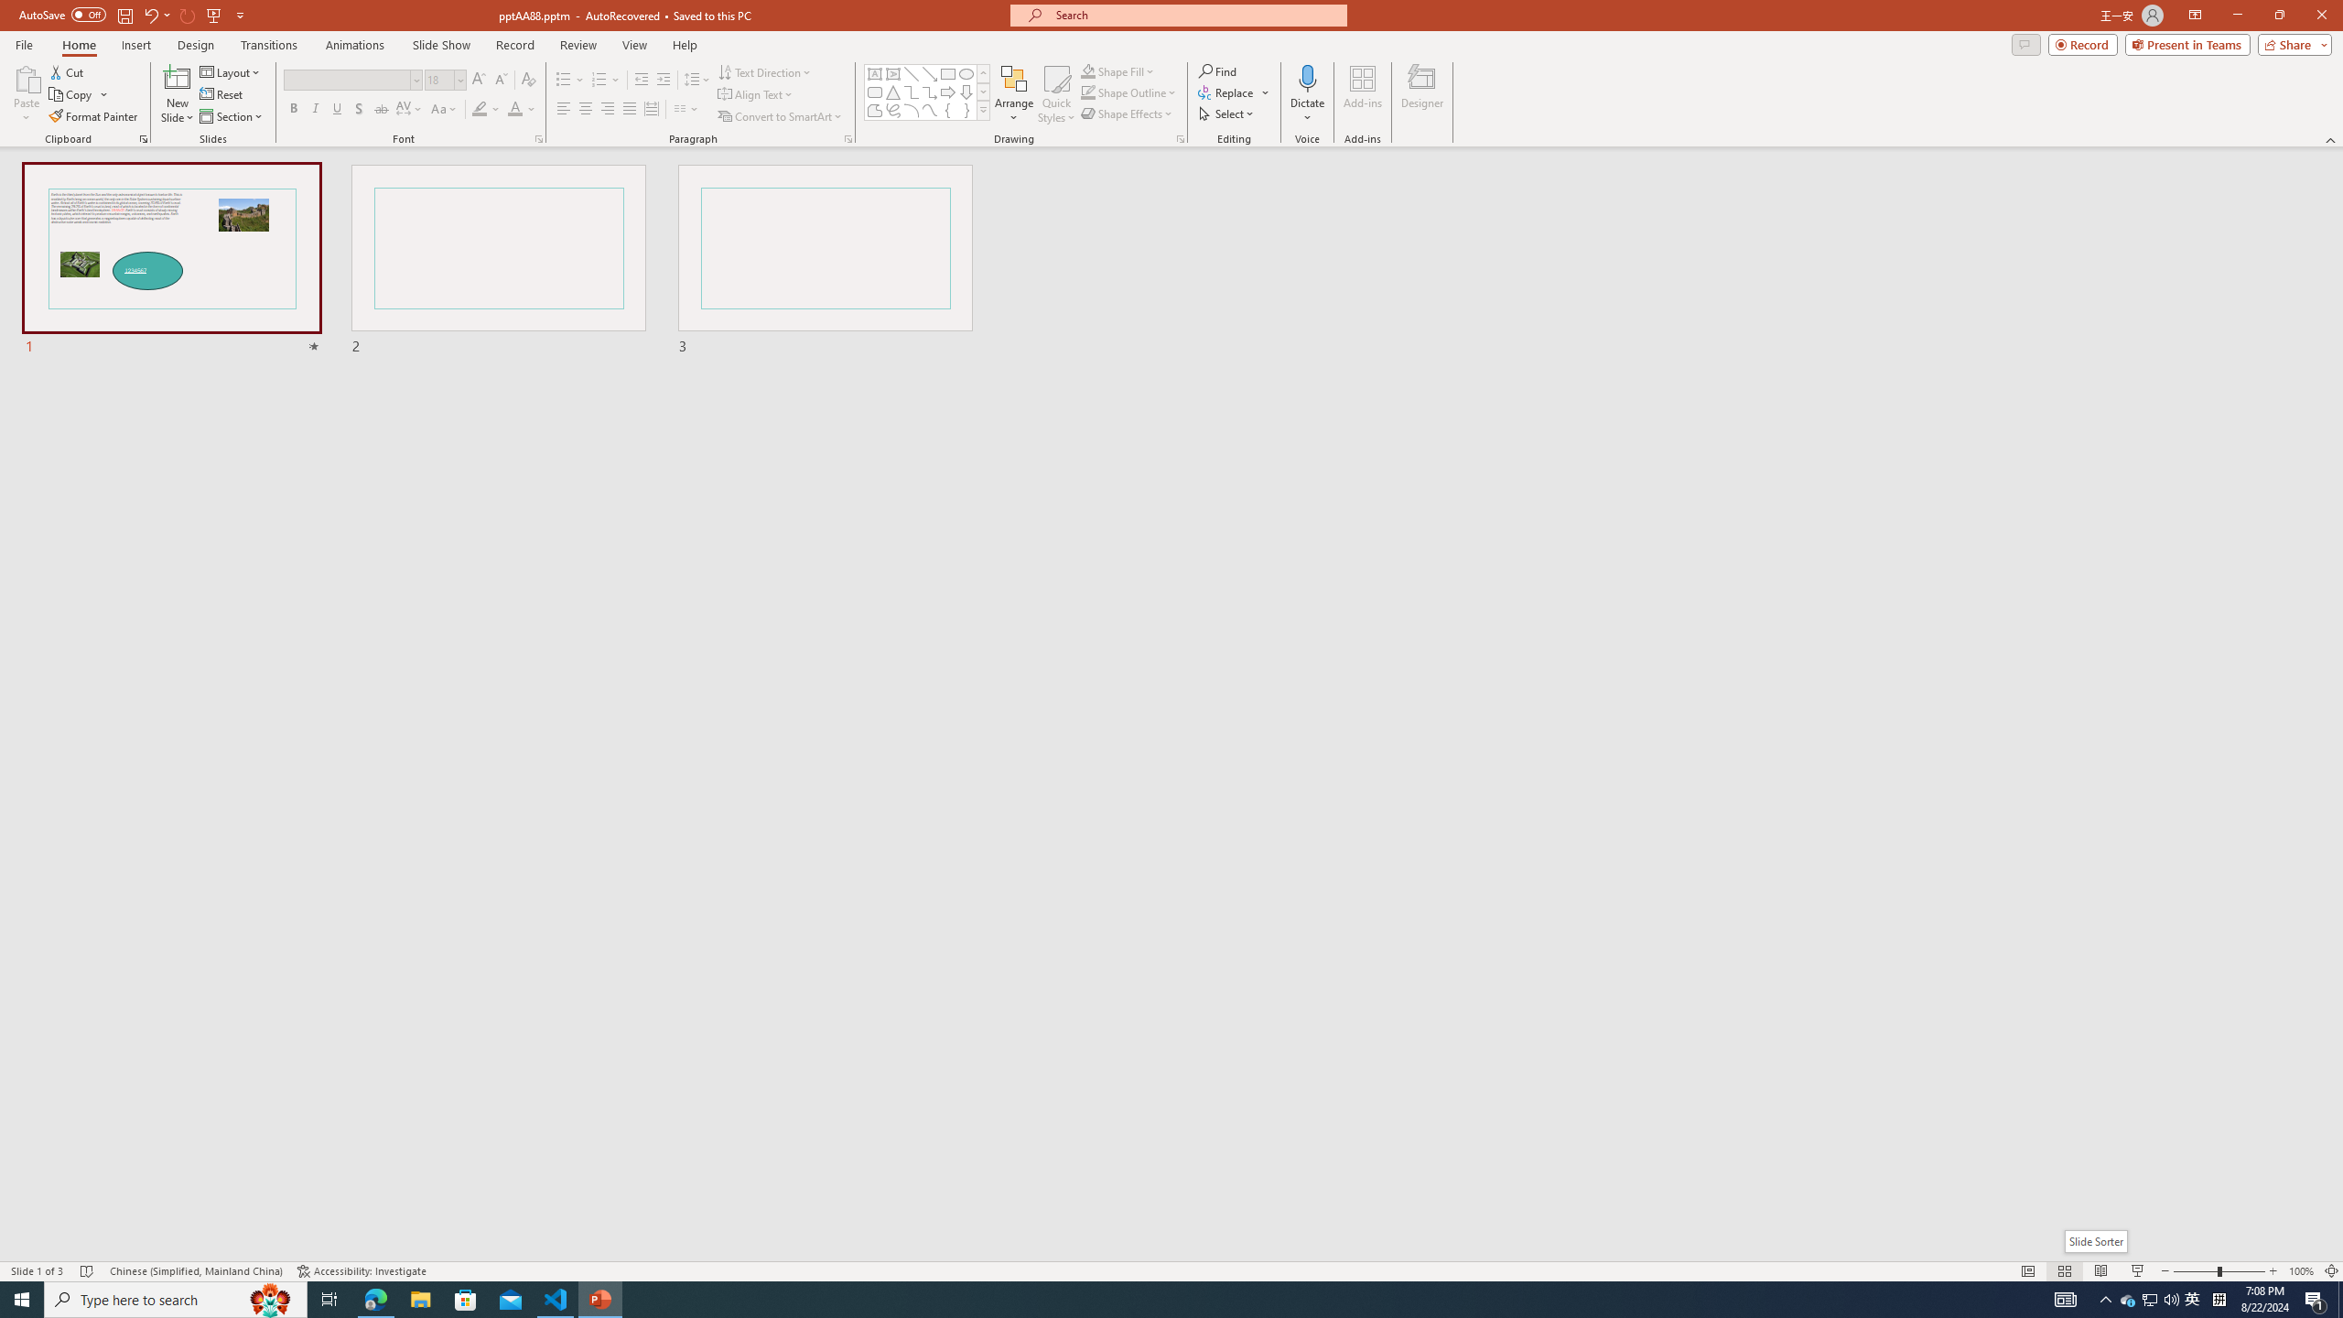  I want to click on 'Clear Formatting', so click(527, 80).